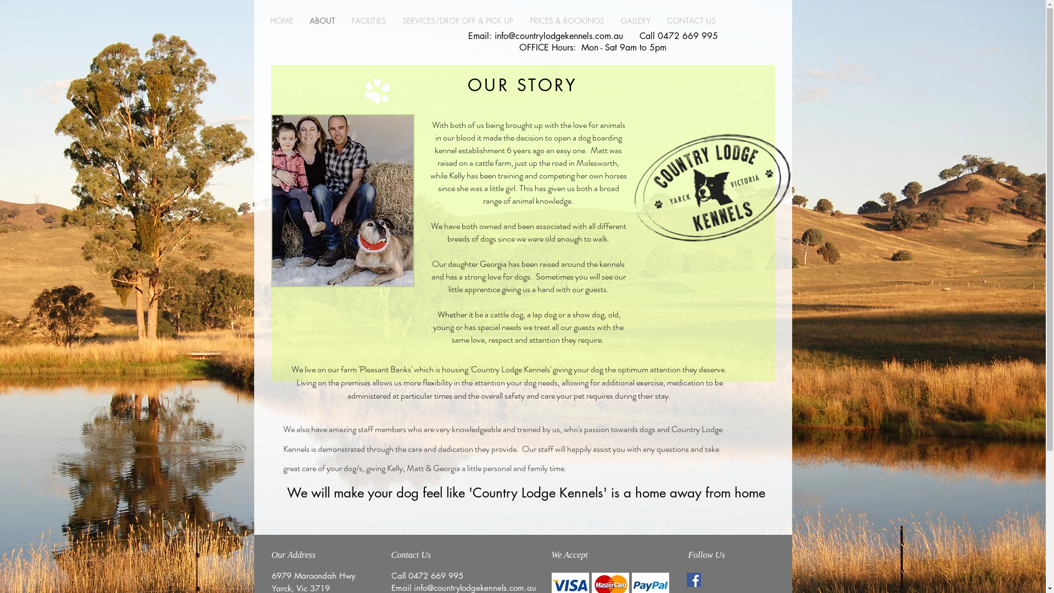 The image size is (1054, 593). What do you see at coordinates (494, 35) in the screenshot?
I see `'info@countrylodgekennels.com.au'` at bounding box center [494, 35].